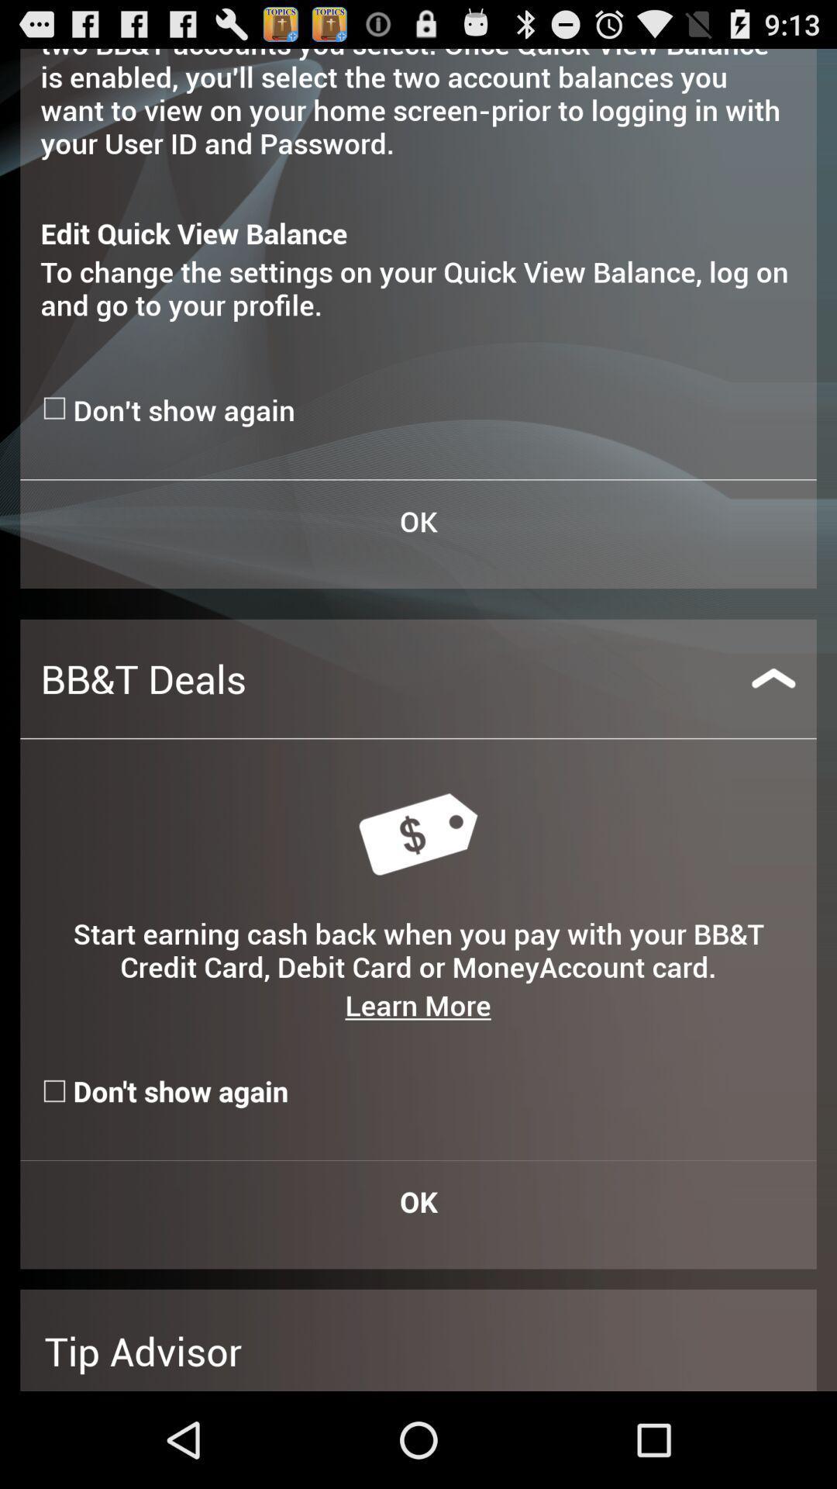 The height and width of the screenshot is (1489, 837). Describe the element at coordinates (417, 1005) in the screenshot. I see `the learn more item` at that location.